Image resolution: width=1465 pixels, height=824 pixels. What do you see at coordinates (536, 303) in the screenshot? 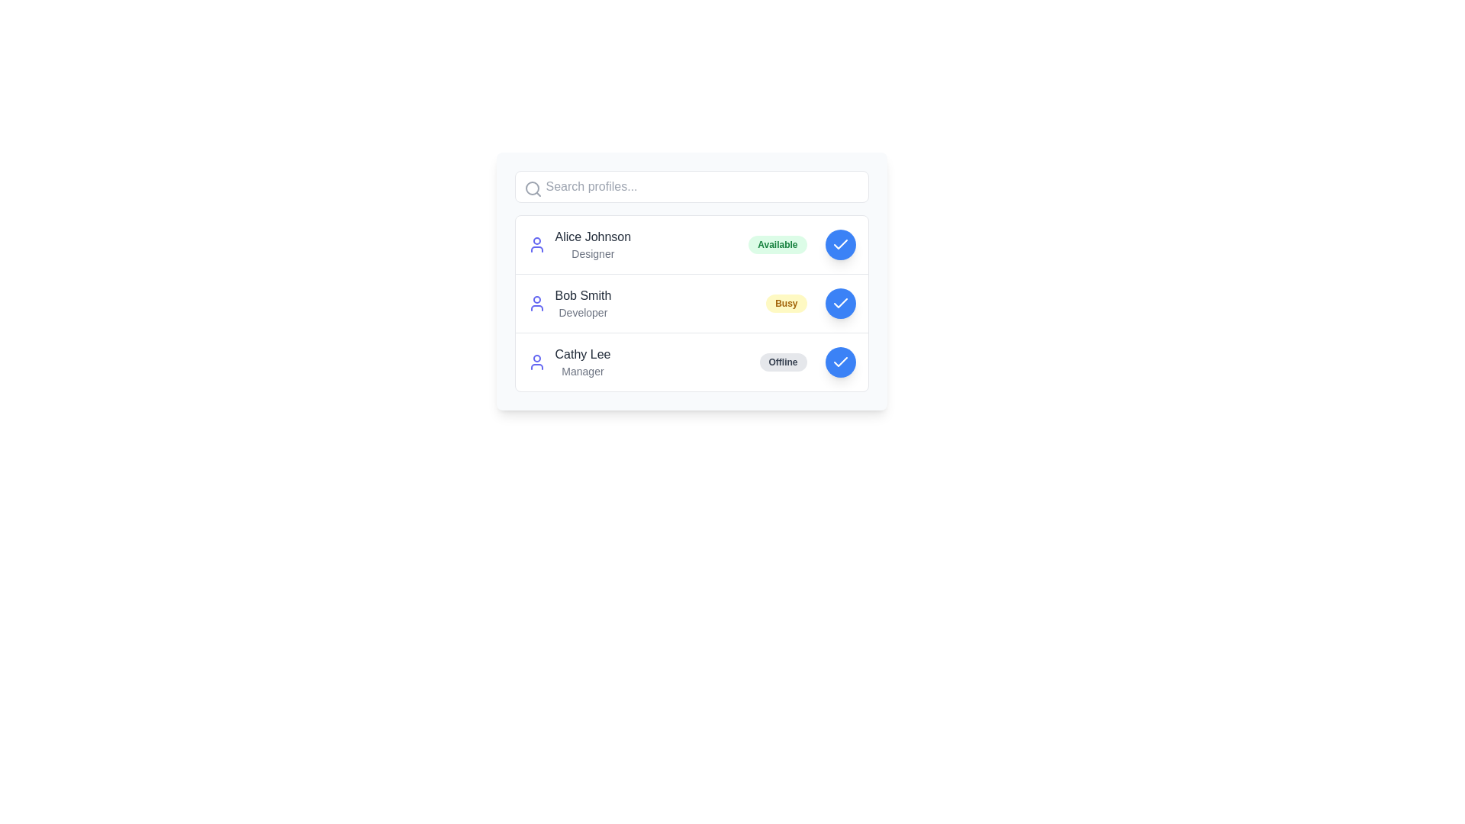
I see `the user icon with a purple outline next to 'Bob Smith' in the second row of the profile list` at bounding box center [536, 303].